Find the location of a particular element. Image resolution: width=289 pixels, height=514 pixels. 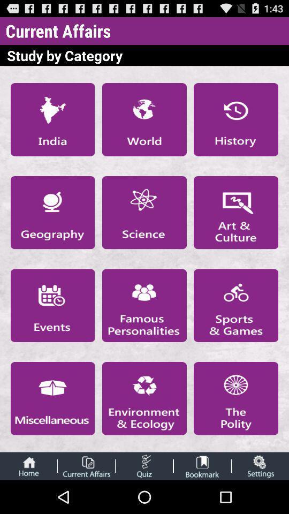

open new page is located at coordinates (144, 398).